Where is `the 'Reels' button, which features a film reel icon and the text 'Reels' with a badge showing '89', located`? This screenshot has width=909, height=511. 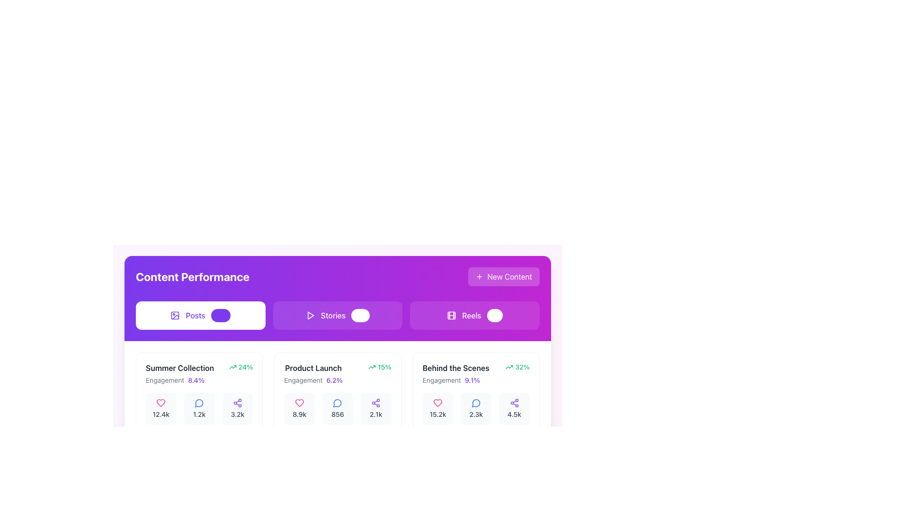 the 'Reels' button, which features a film reel icon and the text 'Reels' with a badge showing '89', located is located at coordinates (475, 316).